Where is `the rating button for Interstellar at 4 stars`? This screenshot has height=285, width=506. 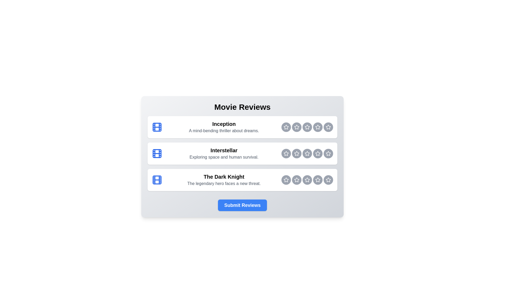 the rating button for Interstellar at 4 stars is located at coordinates (317, 154).